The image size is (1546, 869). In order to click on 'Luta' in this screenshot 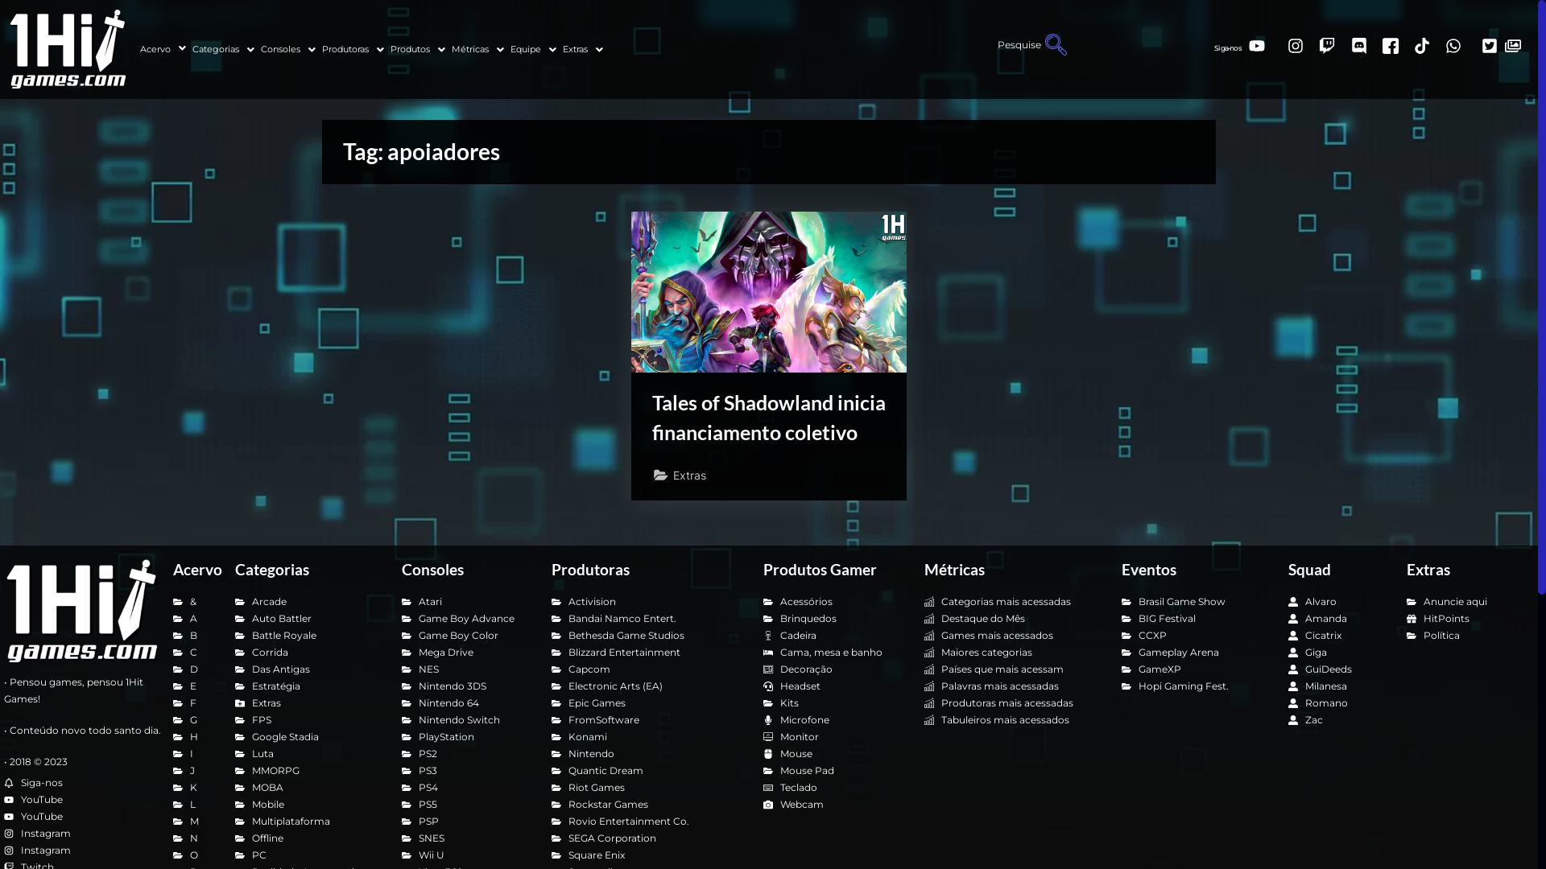, I will do `click(310, 753)`.